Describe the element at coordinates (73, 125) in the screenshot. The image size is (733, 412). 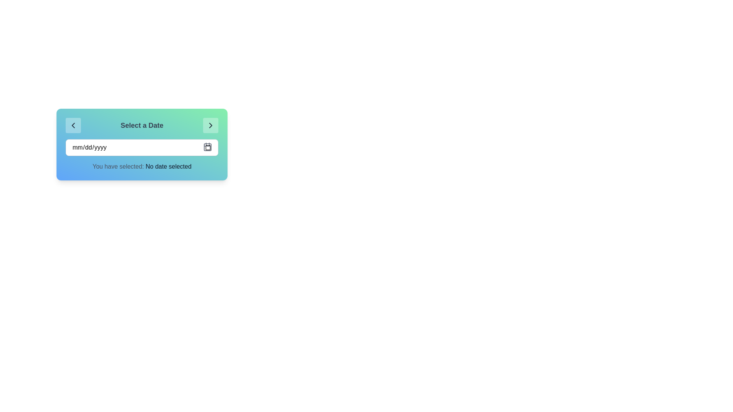
I see `the navigation control button located in the top-left corner of the teal and green gradient box labeled 'Select a Date'` at that location.